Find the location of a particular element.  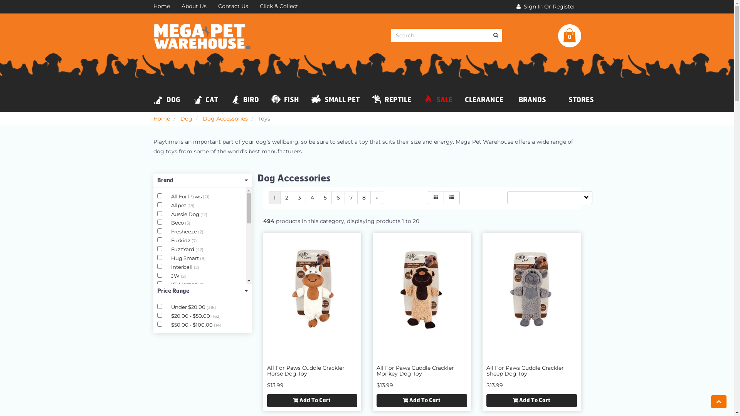

'About Us' is located at coordinates (194, 7).